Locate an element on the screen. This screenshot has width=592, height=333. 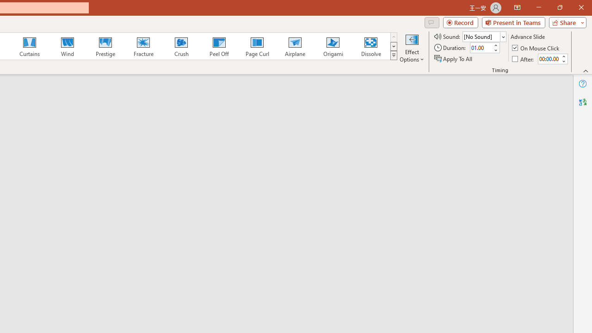
'On Mouse Click' is located at coordinates (536, 48).